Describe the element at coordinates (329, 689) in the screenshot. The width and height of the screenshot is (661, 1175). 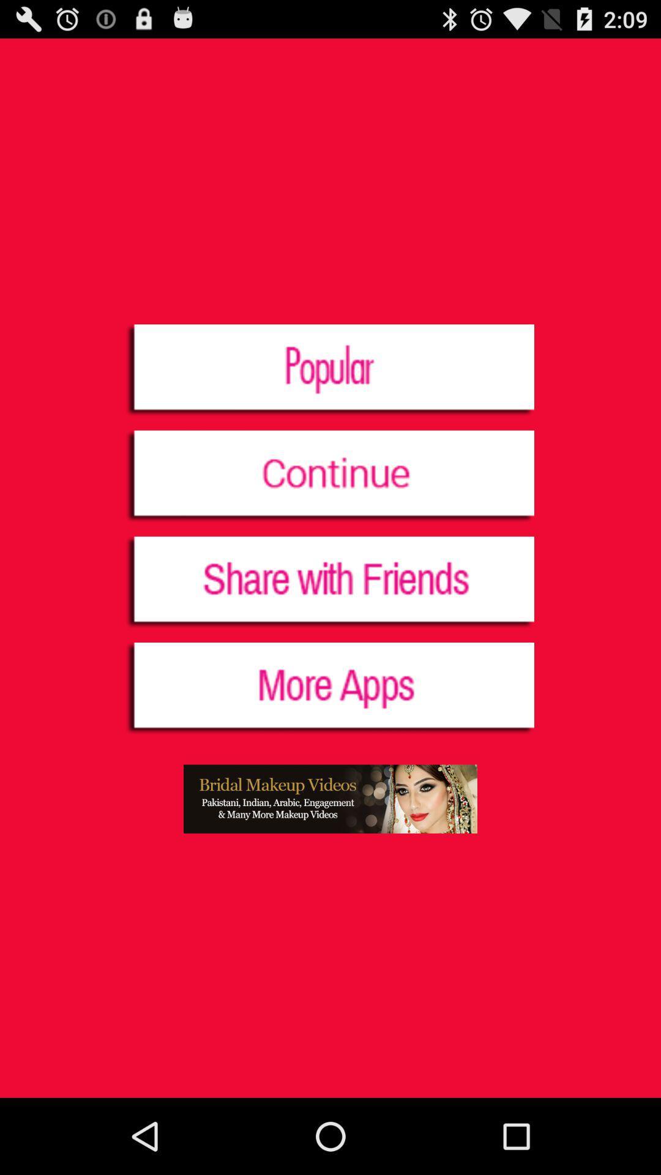
I see `display more applications` at that location.